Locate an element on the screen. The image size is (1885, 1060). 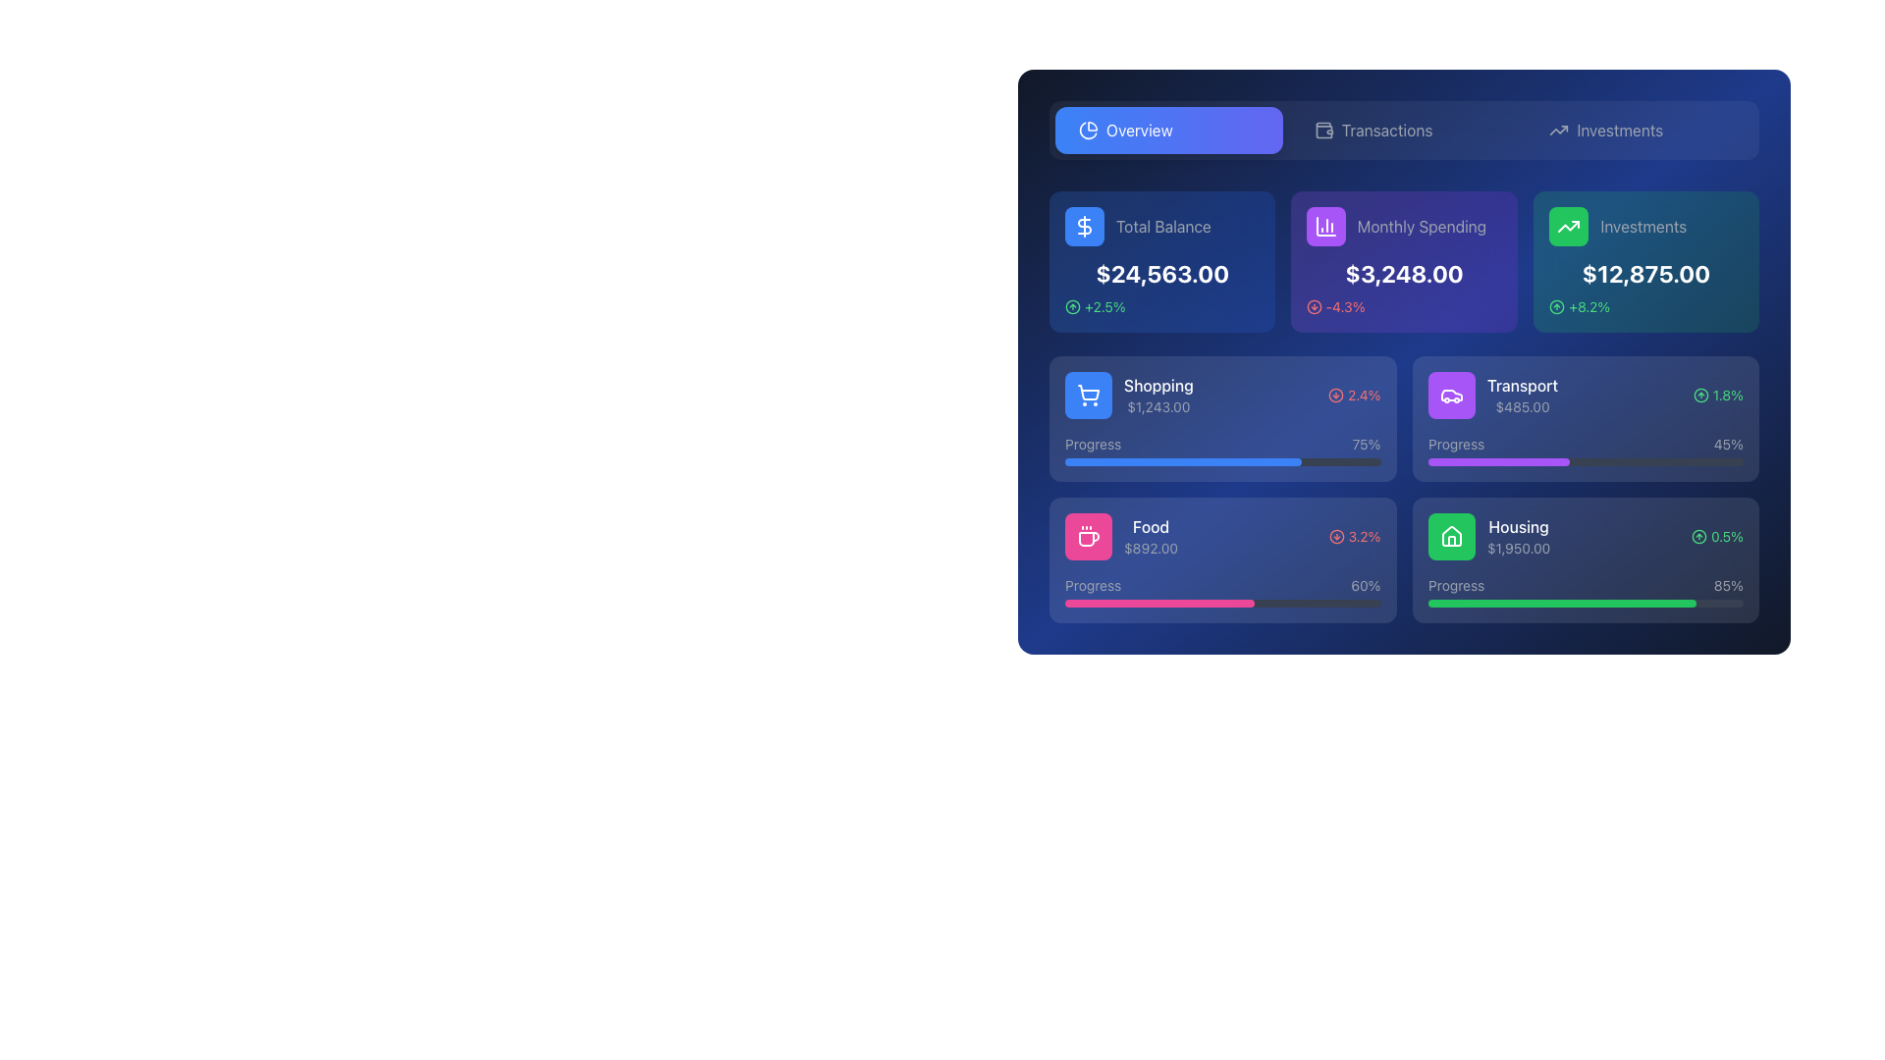
the text label displaying the amount '$1,243.00' in light gray color, located below the bold 'Shopping' label in the top-left card of the dashboard is located at coordinates (1158, 406).